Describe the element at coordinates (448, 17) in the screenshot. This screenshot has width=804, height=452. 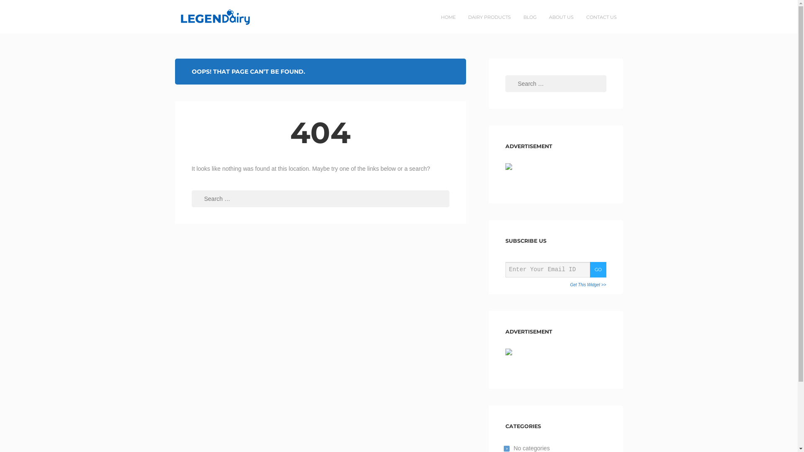
I see `'HOME'` at that location.